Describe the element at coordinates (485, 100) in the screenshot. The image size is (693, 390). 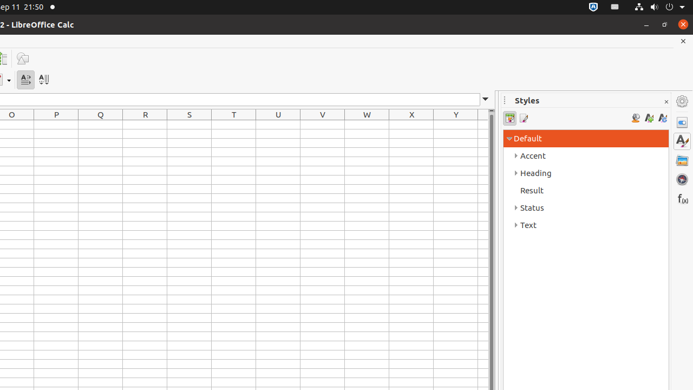
I see `'Expand Formula Bar'` at that location.